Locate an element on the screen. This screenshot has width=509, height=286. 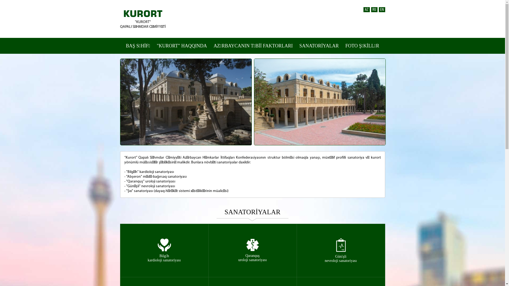
'AZ' is located at coordinates (366, 10).